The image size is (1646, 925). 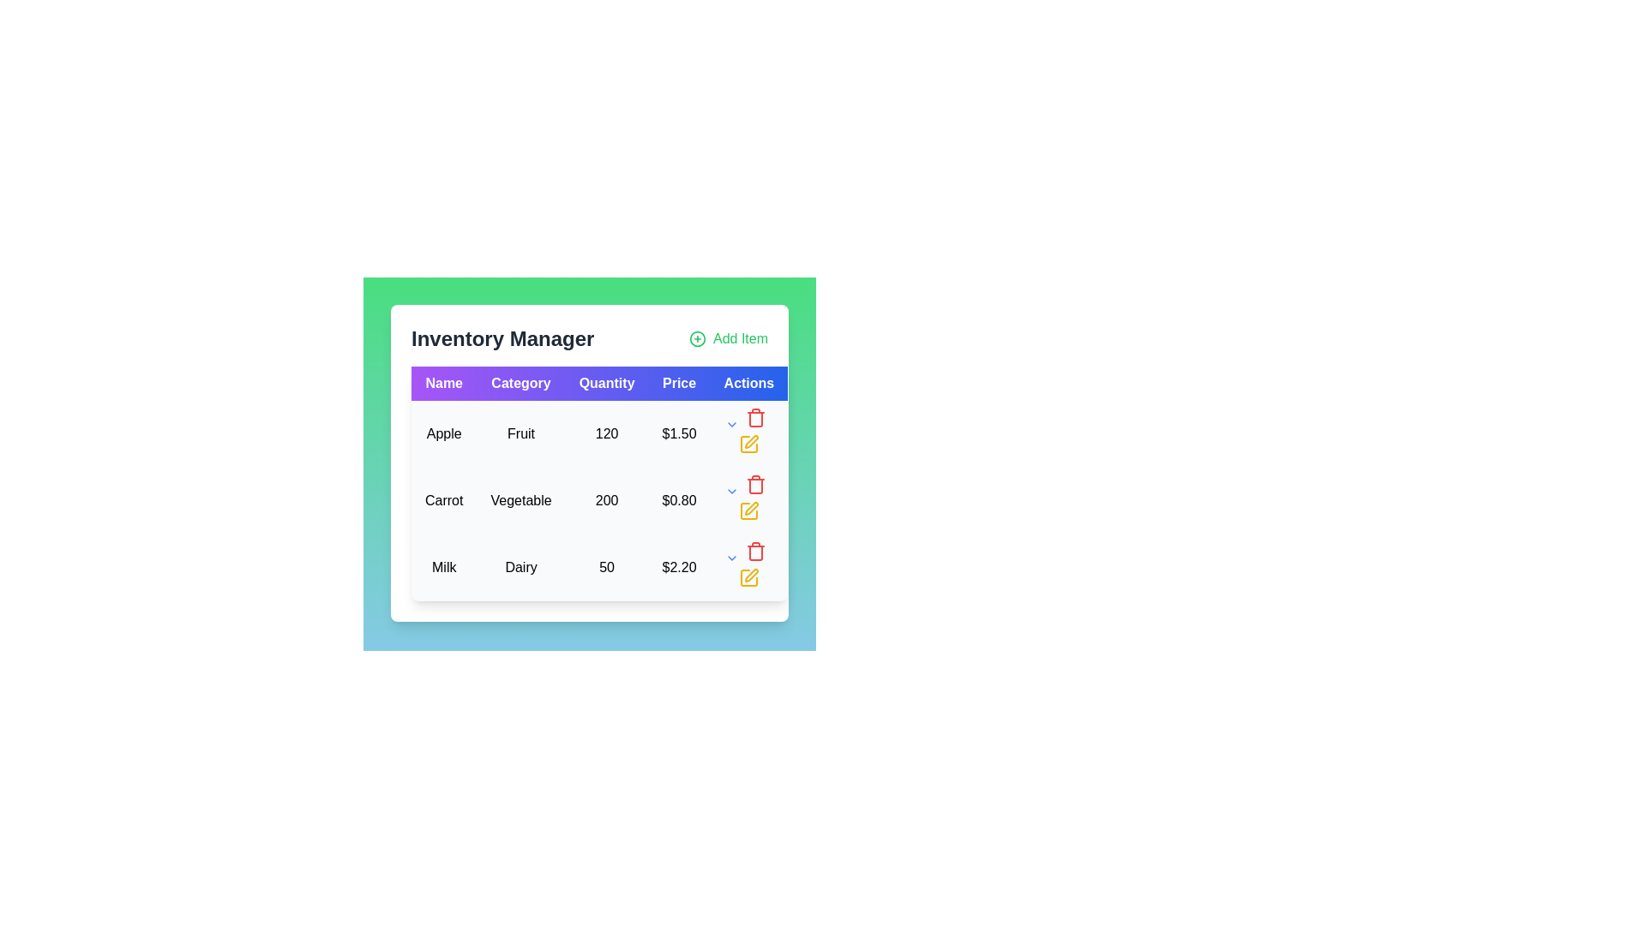 What do you see at coordinates (678, 568) in the screenshot?
I see `the static text label displaying the price information for Milk, which shows $2.20 in the Price column of the table` at bounding box center [678, 568].